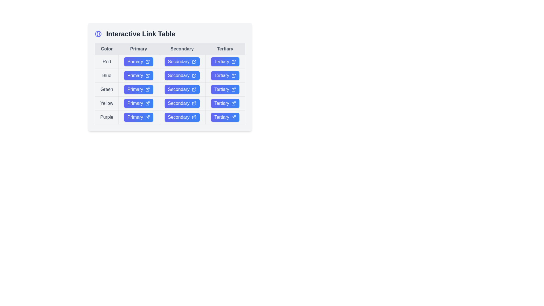  Describe the element at coordinates (98, 34) in the screenshot. I see `the indigo globe icon located in the header section titled 'Interactive Link Table', which is positioned at the top-left corner of the interface` at that location.